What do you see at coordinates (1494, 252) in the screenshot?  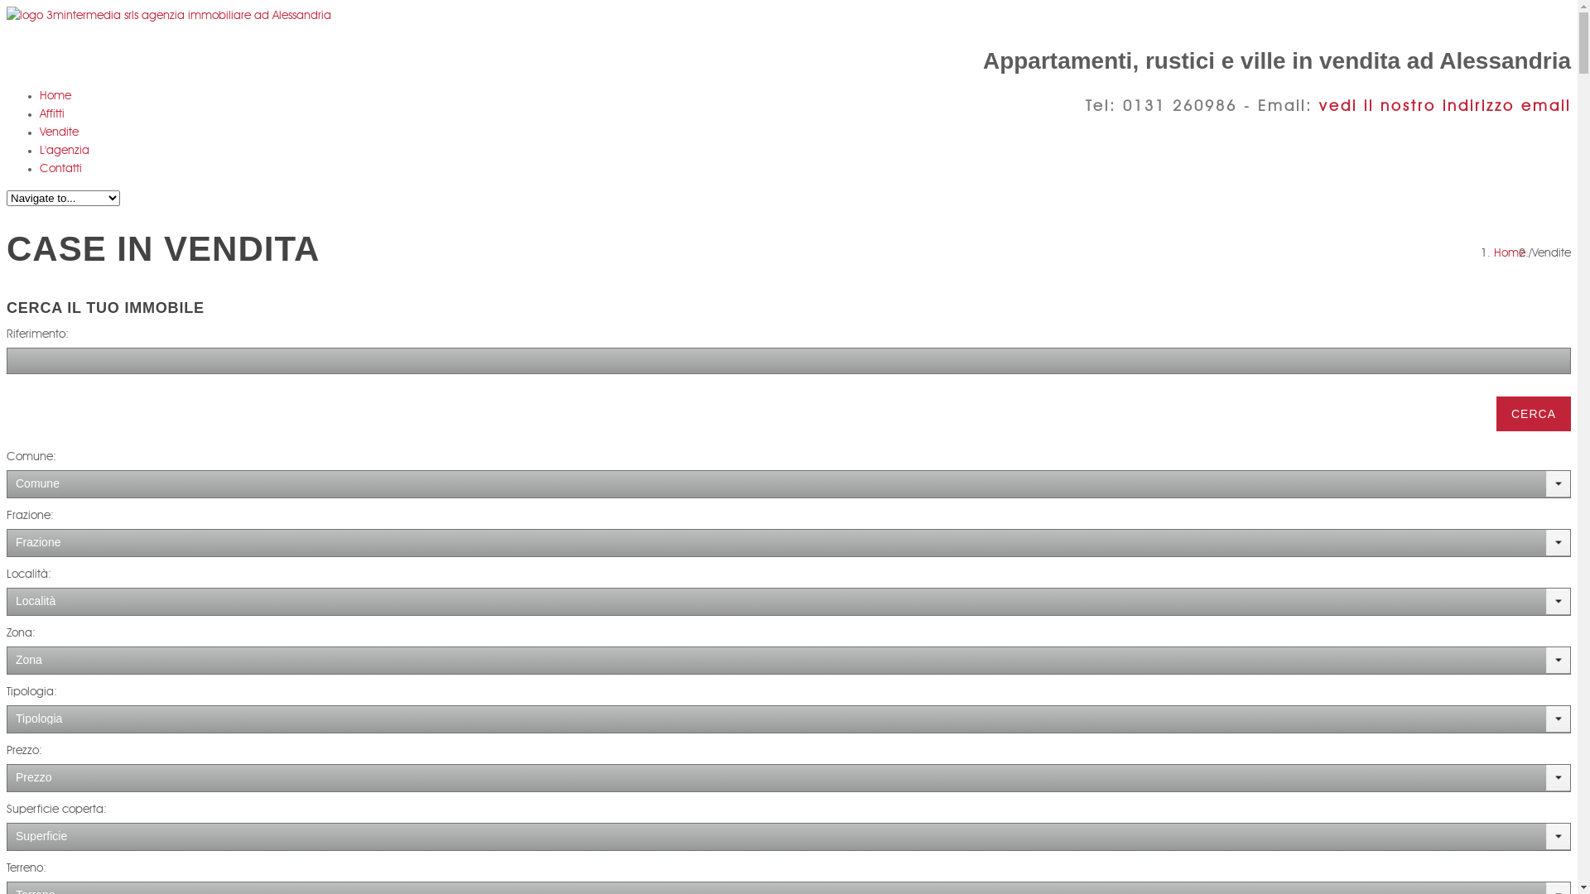 I see `'Home'` at bounding box center [1494, 252].